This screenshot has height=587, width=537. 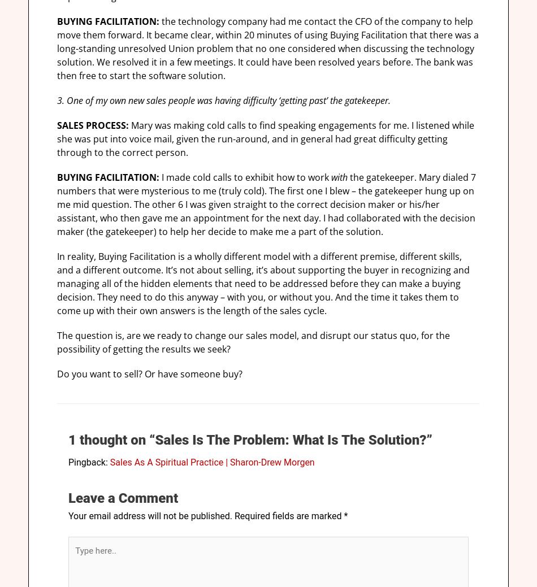 What do you see at coordinates (267, 48) in the screenshot?
I see `'the technology company had me contact the CFO of the company to help move them forward. It became clear, within 20 minutes of using Buying Facilitation that there was a long-standing unresolved Union problem that no one considered when discussing the technology solution. We resolved it in a few meetings. It could have been resolved years before. The bank was then free to start the software solution.'` at bounding box center [267, 48].